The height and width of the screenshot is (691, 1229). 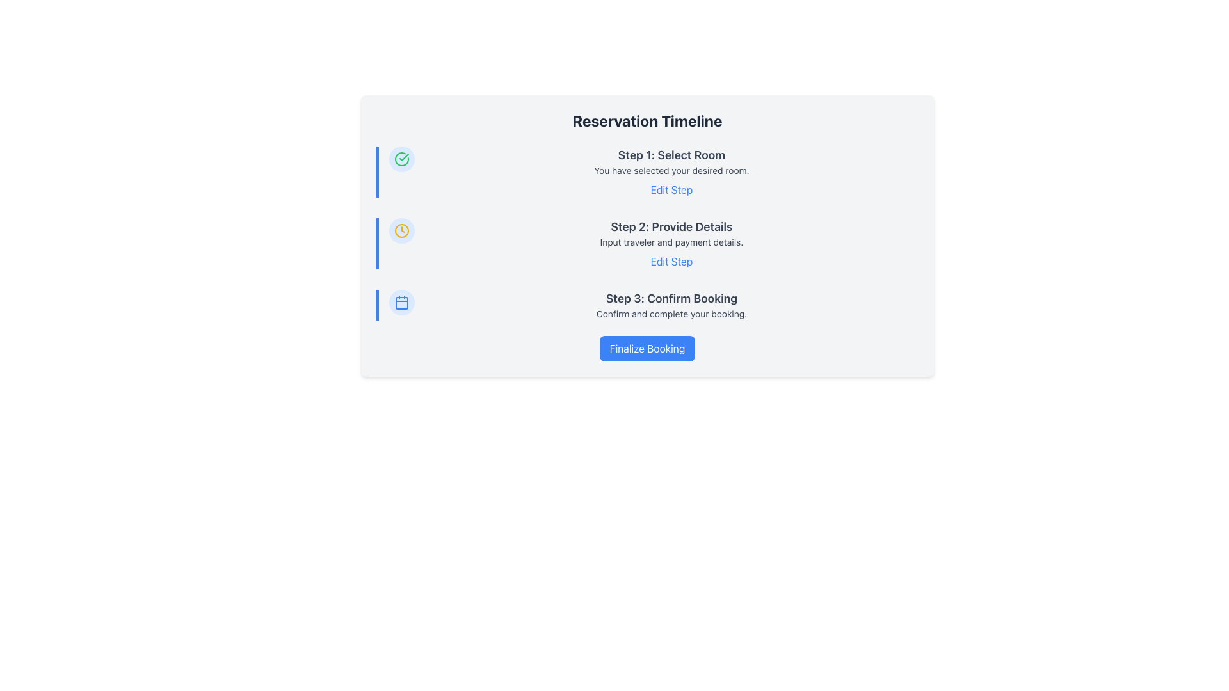 I want to click on text label at the top of the reservation process timeline card, which indicates the sections pertaining to the reservation process, so click(x=647, y=121).